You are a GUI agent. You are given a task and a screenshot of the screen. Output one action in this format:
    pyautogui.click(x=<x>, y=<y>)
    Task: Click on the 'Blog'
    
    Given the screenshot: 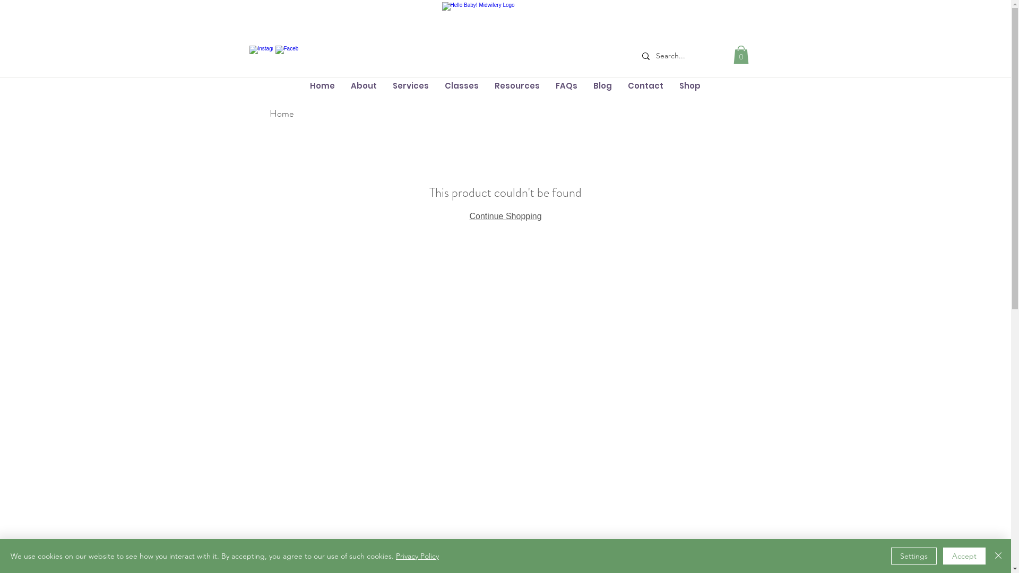 What is the action you would take?
    pyautogui.click(x=602, y=85)
    